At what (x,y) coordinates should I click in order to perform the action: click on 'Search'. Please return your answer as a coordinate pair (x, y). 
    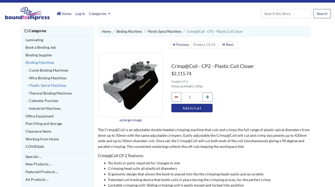
    Looking at the image, I should click on (322, 13).